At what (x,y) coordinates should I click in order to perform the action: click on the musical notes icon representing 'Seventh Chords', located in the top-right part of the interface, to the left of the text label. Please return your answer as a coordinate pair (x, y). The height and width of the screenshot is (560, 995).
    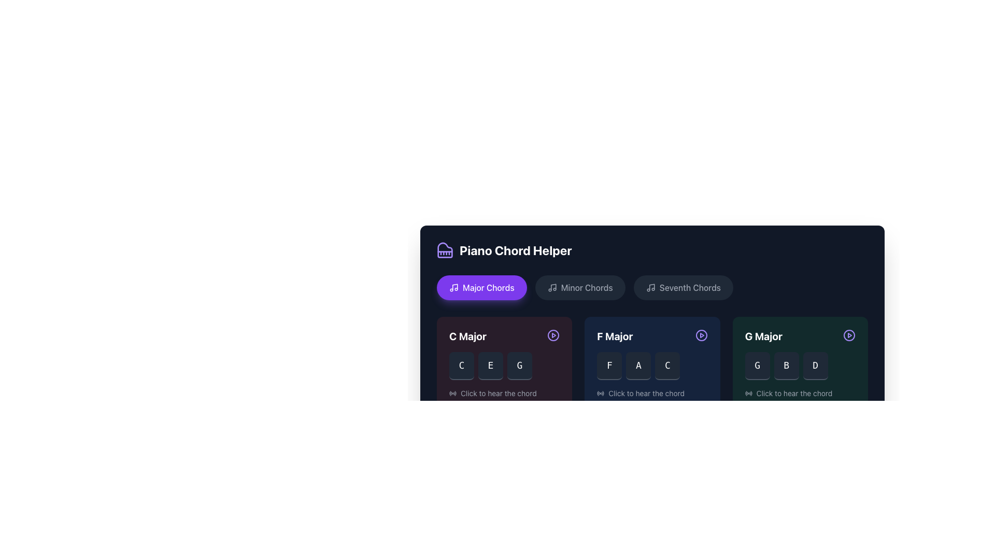
    Looking at the image, I should click on (650, 288).